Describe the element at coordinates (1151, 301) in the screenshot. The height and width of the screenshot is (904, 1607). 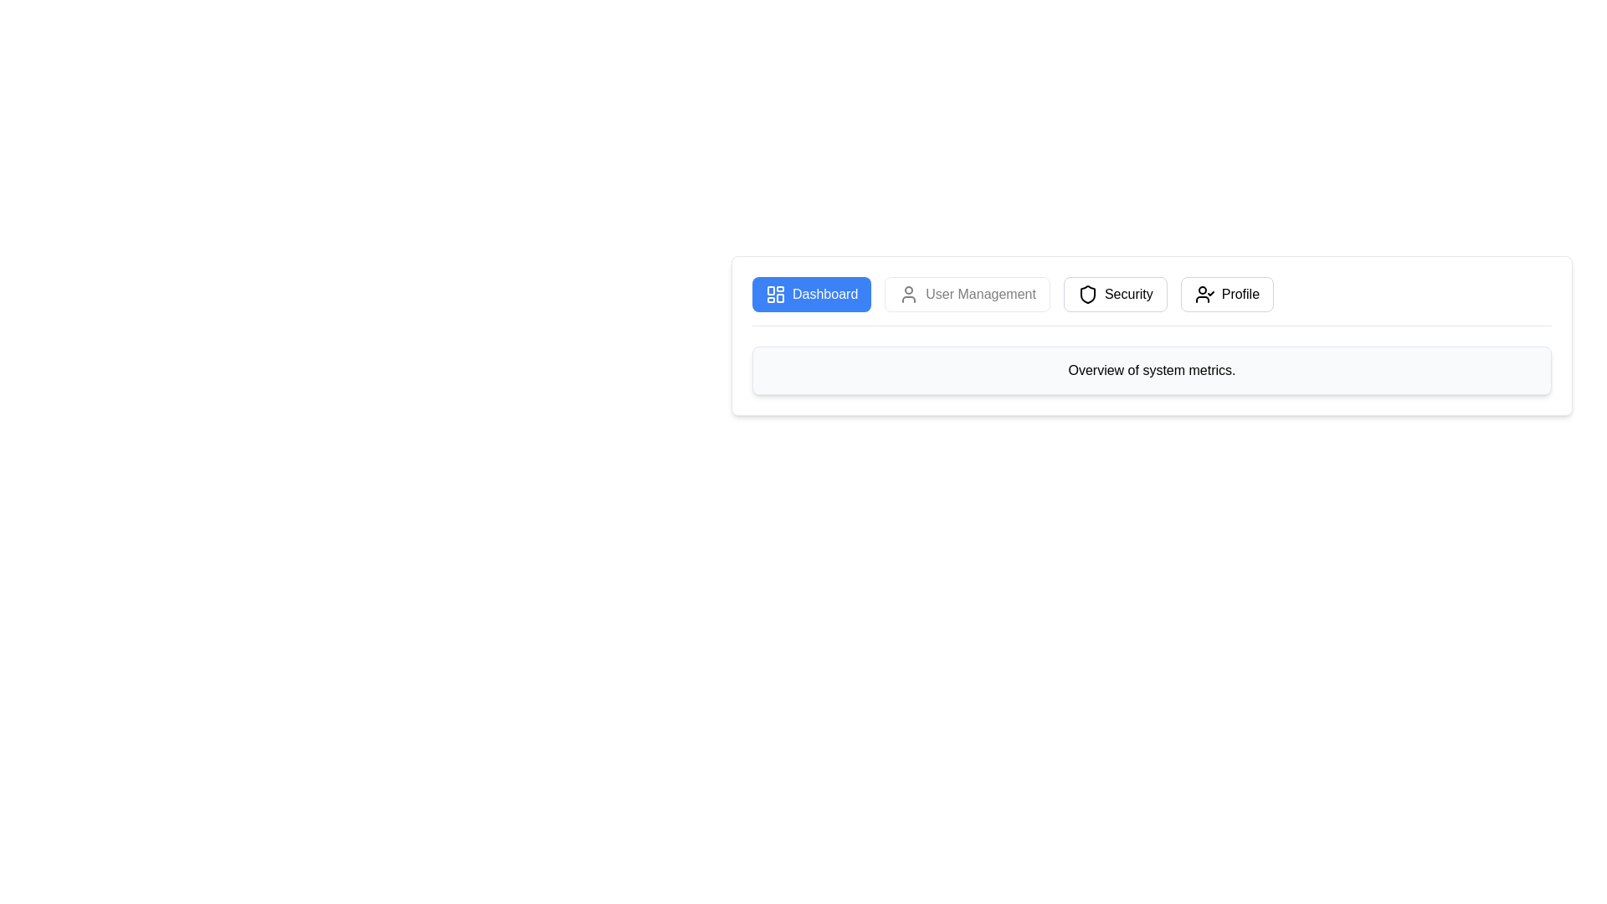
I see `the Navigation bar buttons using keyboard navigation` at that location.